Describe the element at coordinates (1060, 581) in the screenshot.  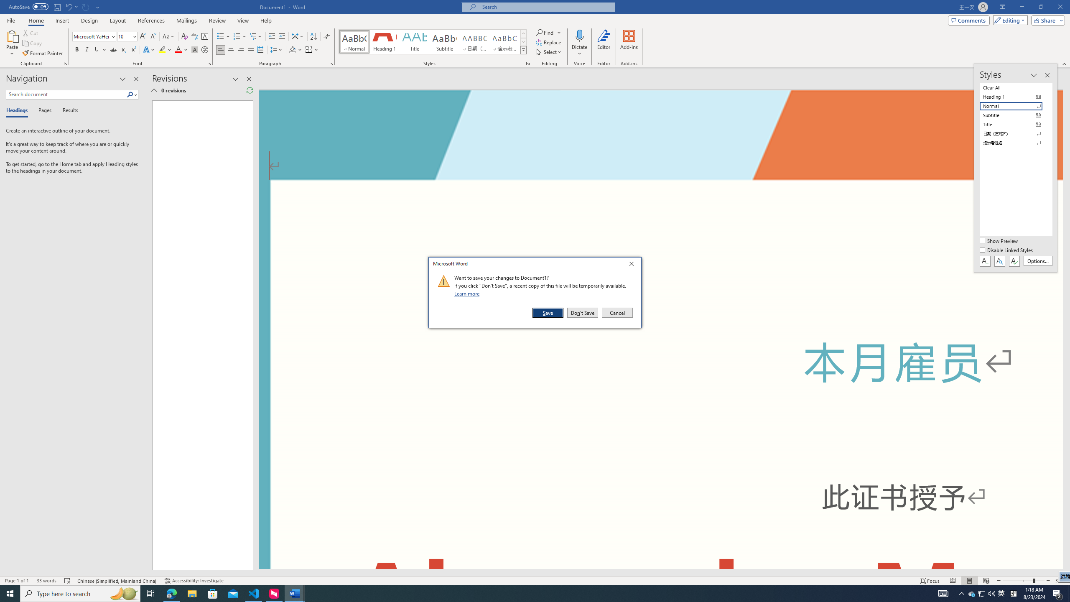
I see `'Zoom 308%'` at that location.